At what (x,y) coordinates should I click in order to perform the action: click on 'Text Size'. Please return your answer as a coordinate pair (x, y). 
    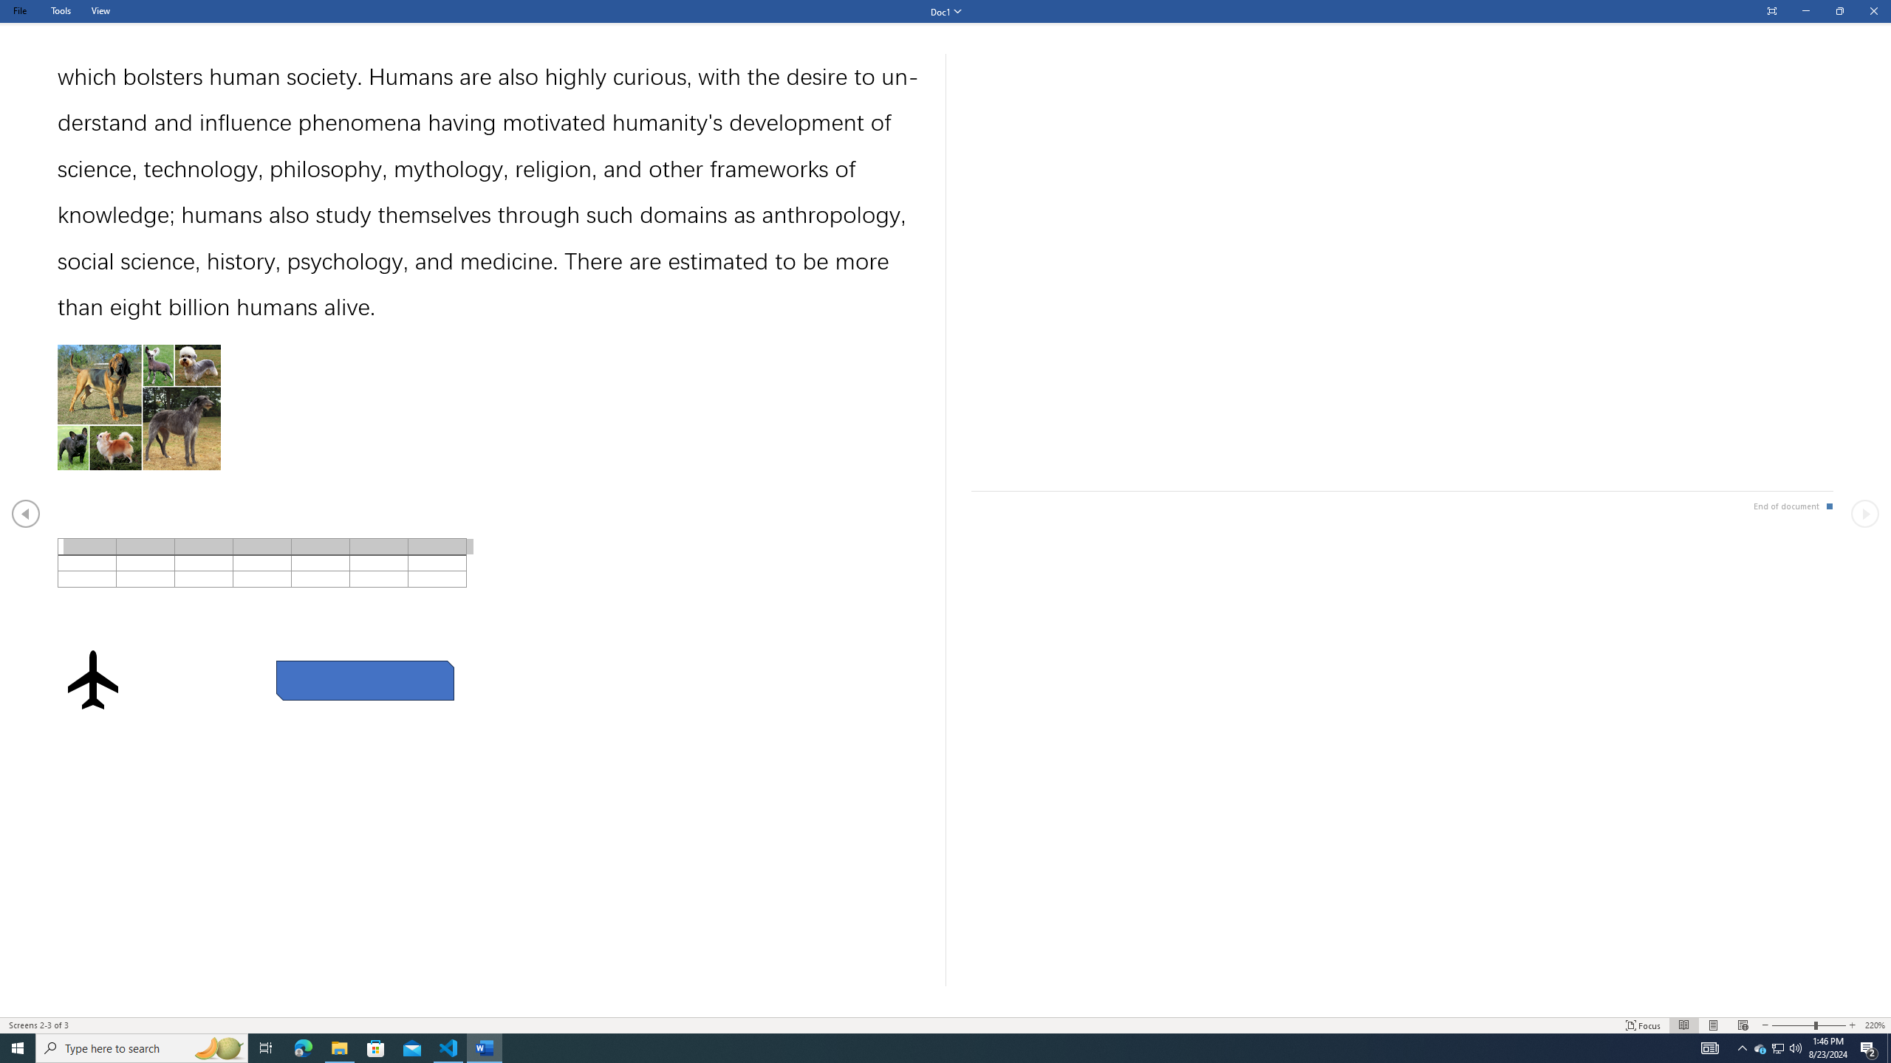
    Looking at the image, I should click on (1808, 1025).